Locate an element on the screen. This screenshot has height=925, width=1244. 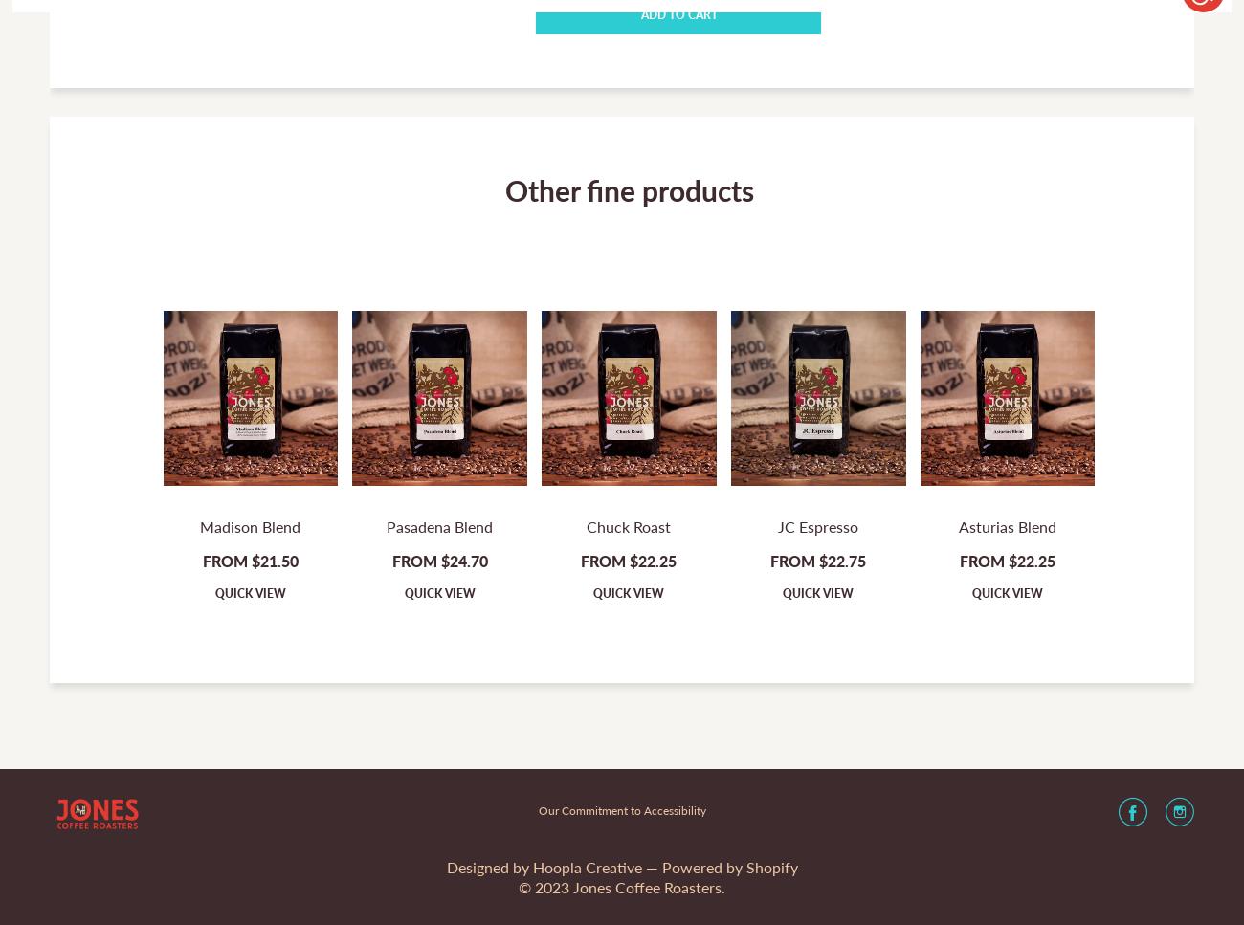
'Pasadena Blend' is located at coordinates (438, 526).